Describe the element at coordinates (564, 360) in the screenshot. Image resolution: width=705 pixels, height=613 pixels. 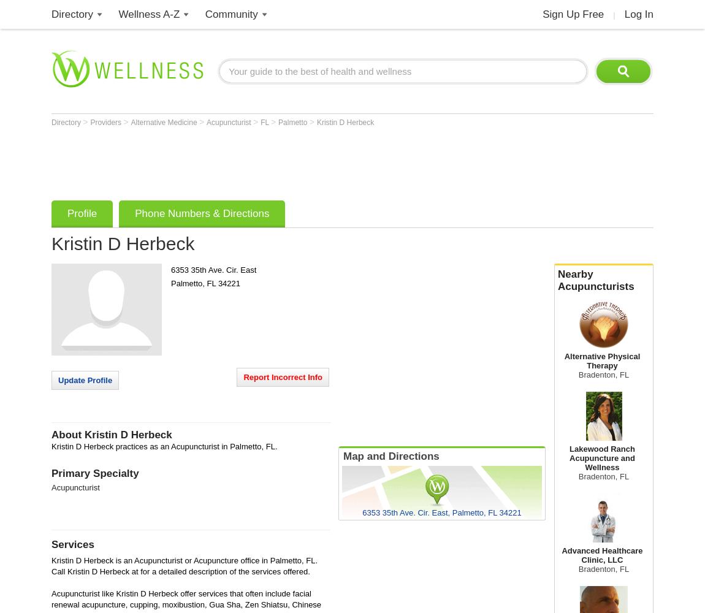
I see `'Alternative Physical Therapy'` at that location.